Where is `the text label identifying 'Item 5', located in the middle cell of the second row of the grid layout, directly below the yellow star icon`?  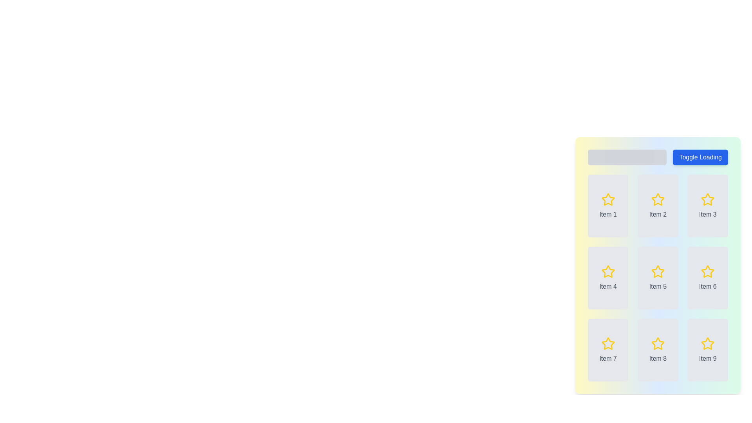
the text label identifying 'Item 5', located in the middle cell of the second row of the grid layout, directly below the yellow star icon is located at coordinates (658, 287).